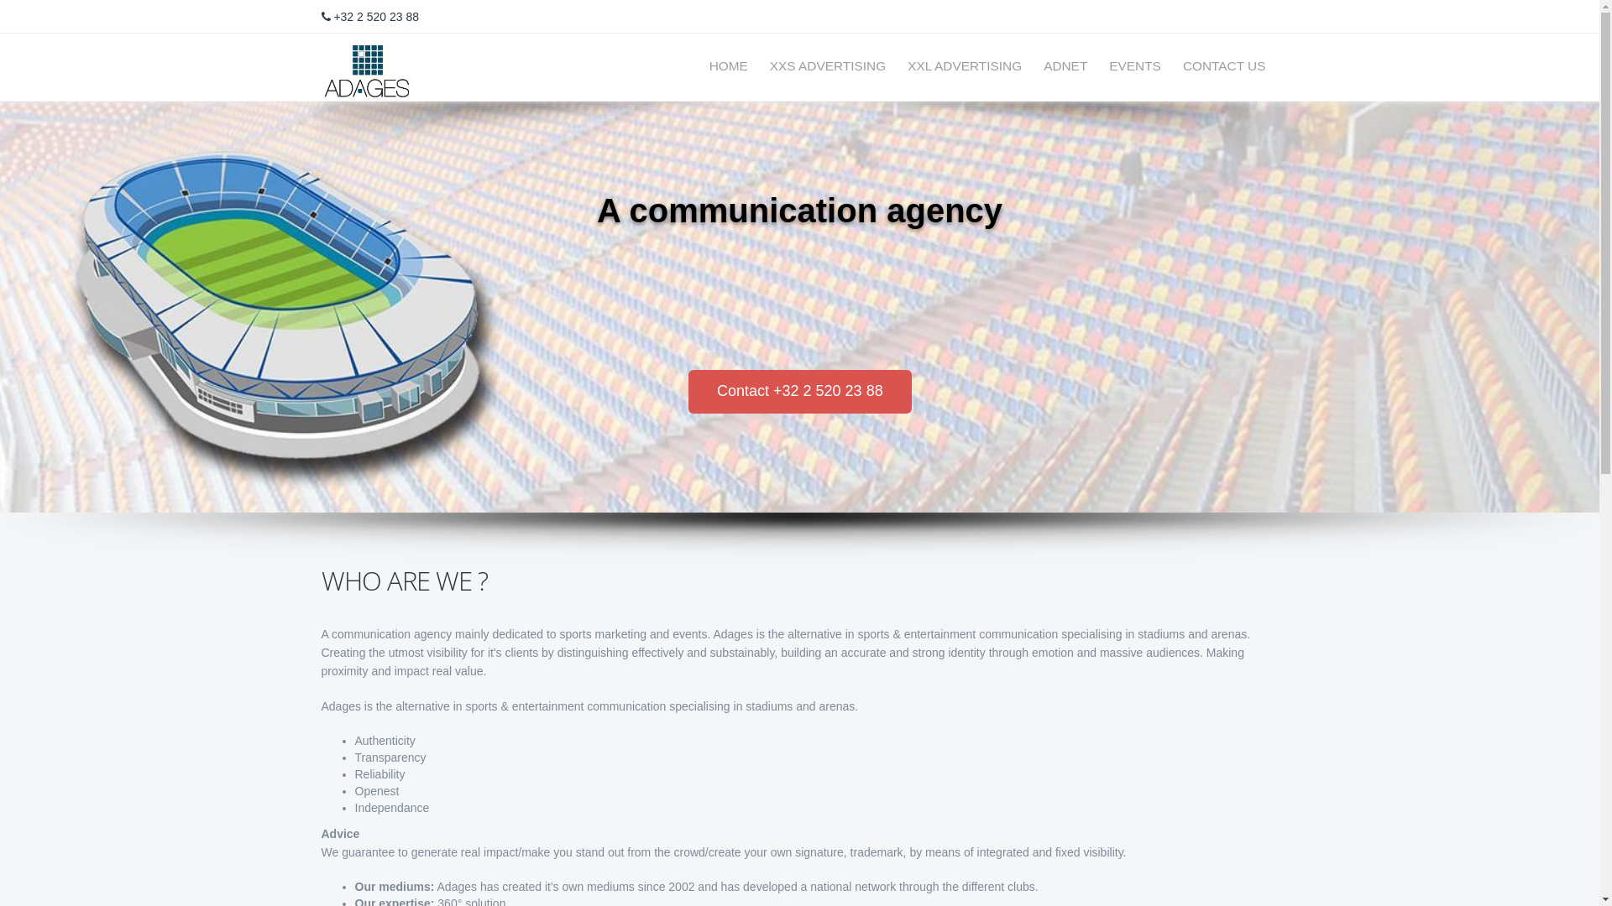 This screenshot has height=906, width=1612. Describe the element at coordinates (799, 391) in the screenshot. I see `'Contact +32 2 520 23 88'` at that location.